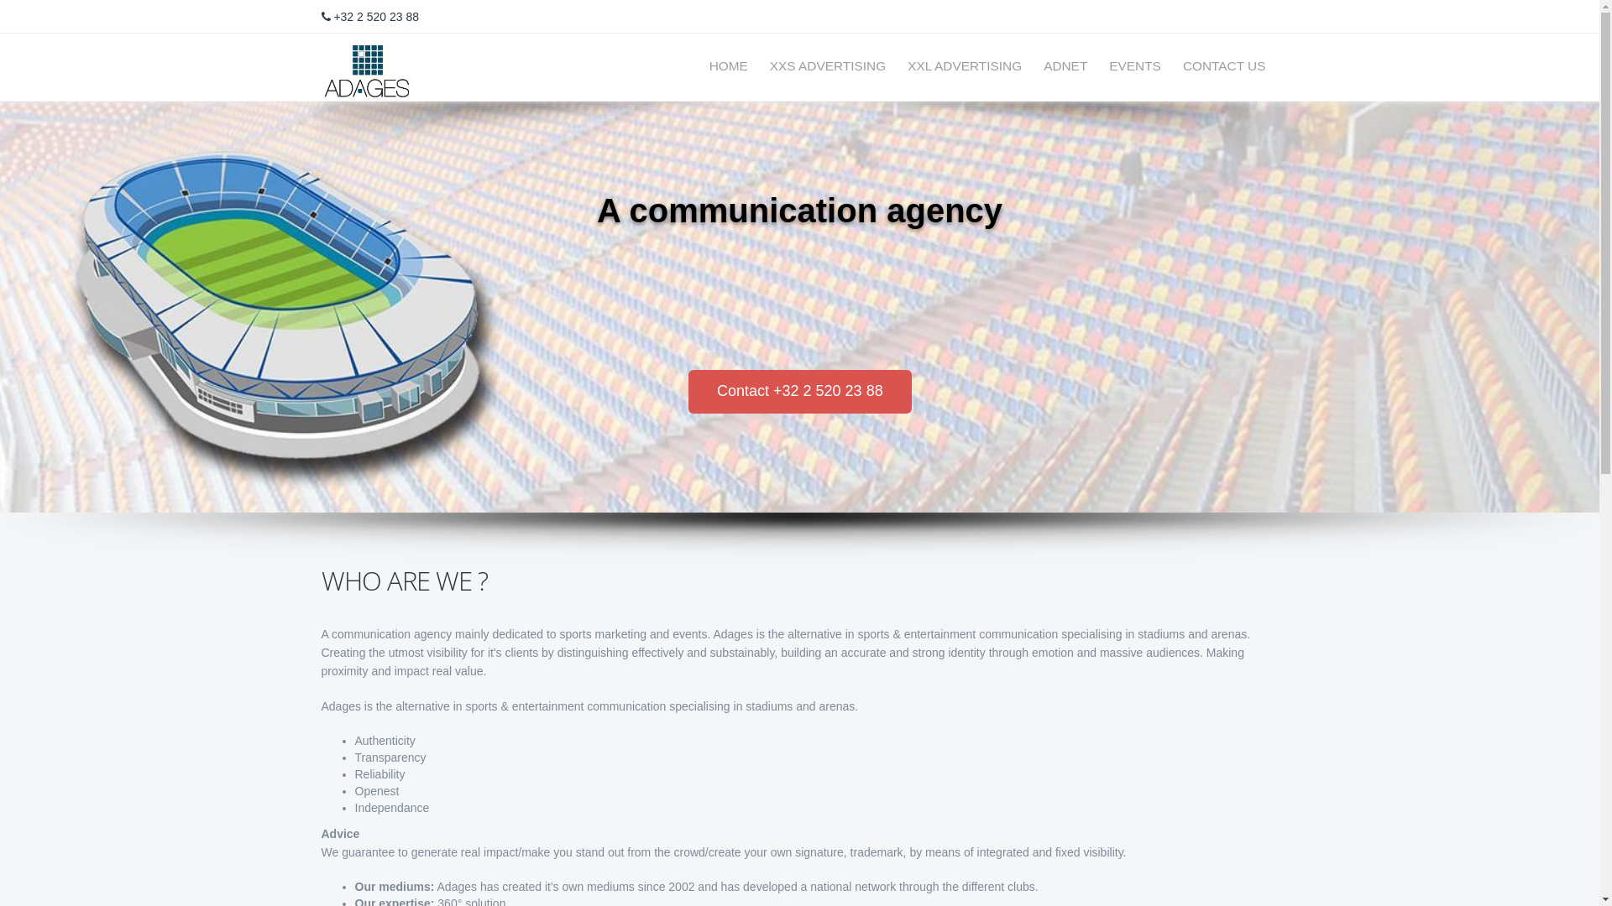 This screenshot has height=906, width=1612. Describe the element at coordinates (799, 391) in the screenshot. I see `'Contact +32 2 520 23 88'` at that location.